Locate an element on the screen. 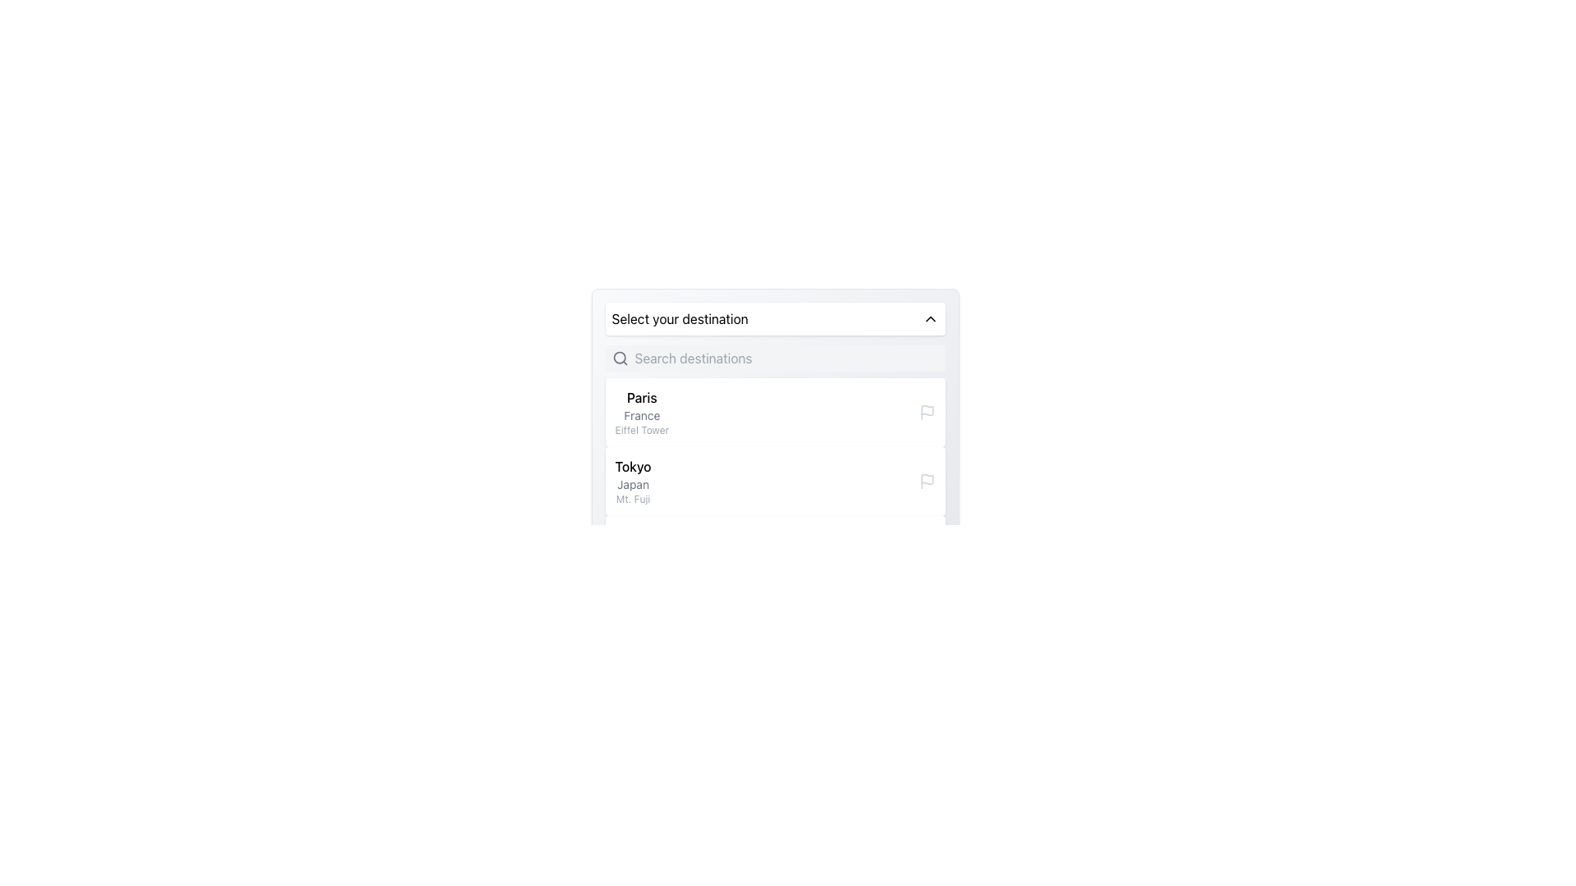  the second list item in the 'Select your destination' menu is located at coordinates (774, 480).